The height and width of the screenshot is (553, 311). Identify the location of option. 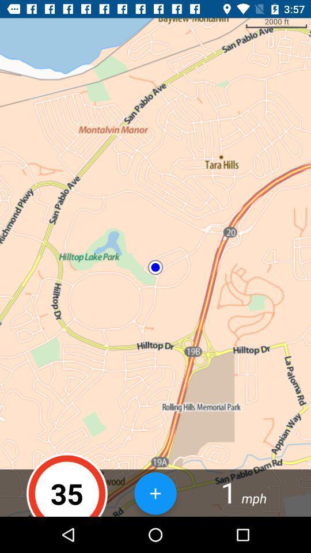
(155, 493).